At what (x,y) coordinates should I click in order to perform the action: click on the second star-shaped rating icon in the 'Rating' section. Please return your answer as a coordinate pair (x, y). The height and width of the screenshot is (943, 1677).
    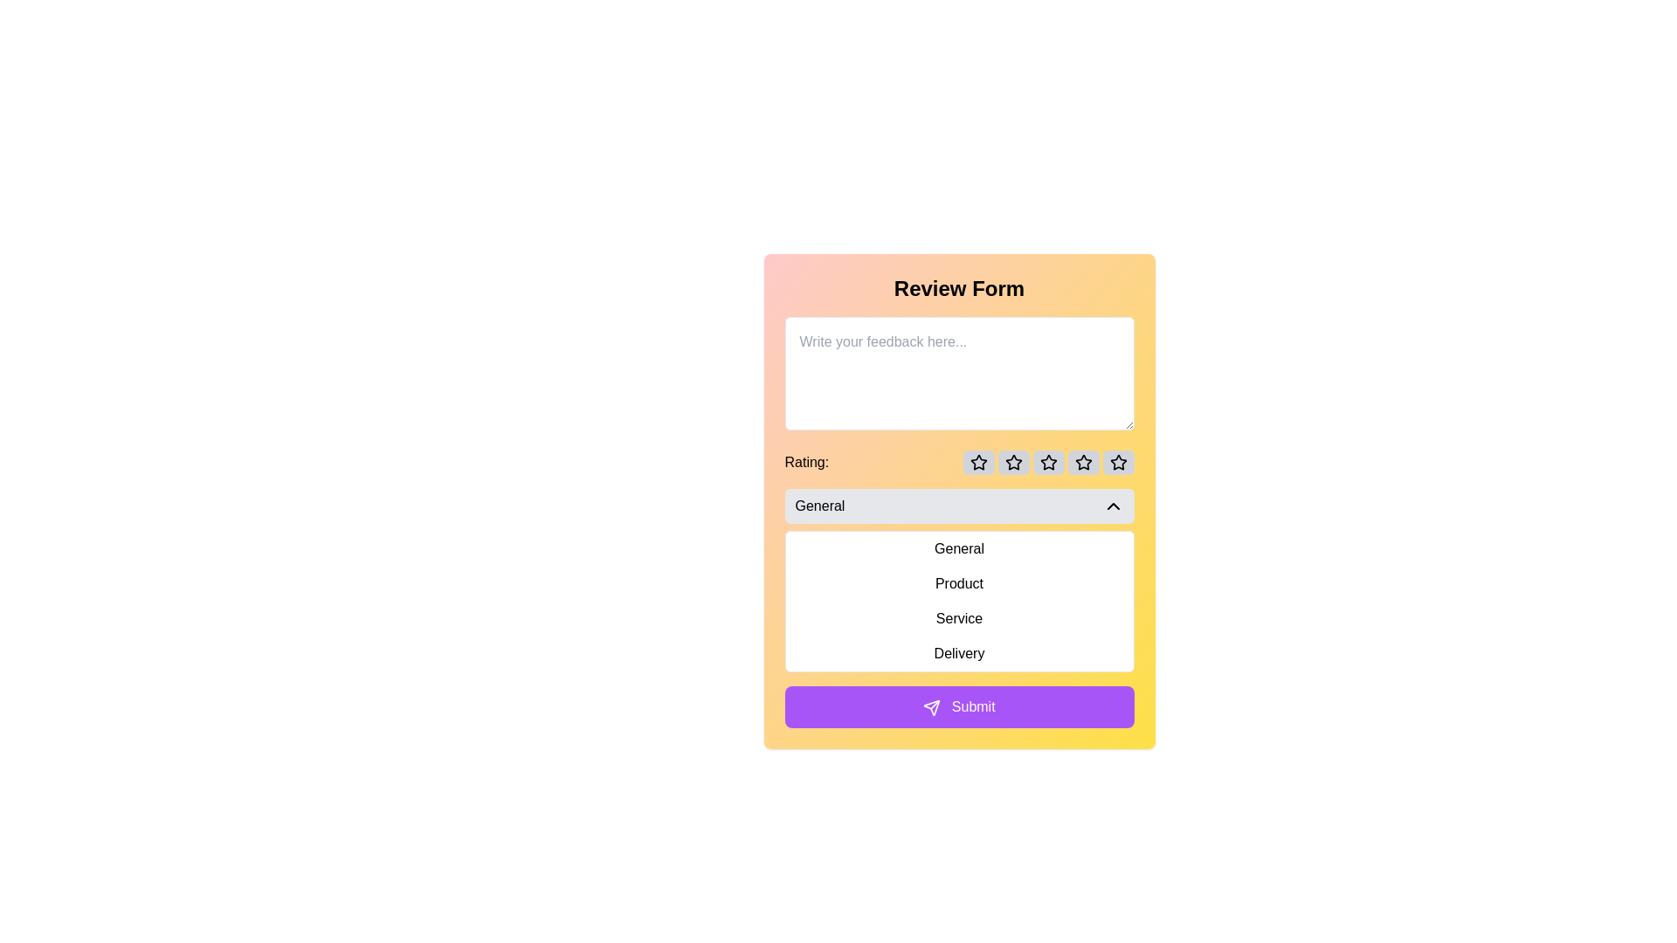
    Looking at the image, I should click on (1013, 461).